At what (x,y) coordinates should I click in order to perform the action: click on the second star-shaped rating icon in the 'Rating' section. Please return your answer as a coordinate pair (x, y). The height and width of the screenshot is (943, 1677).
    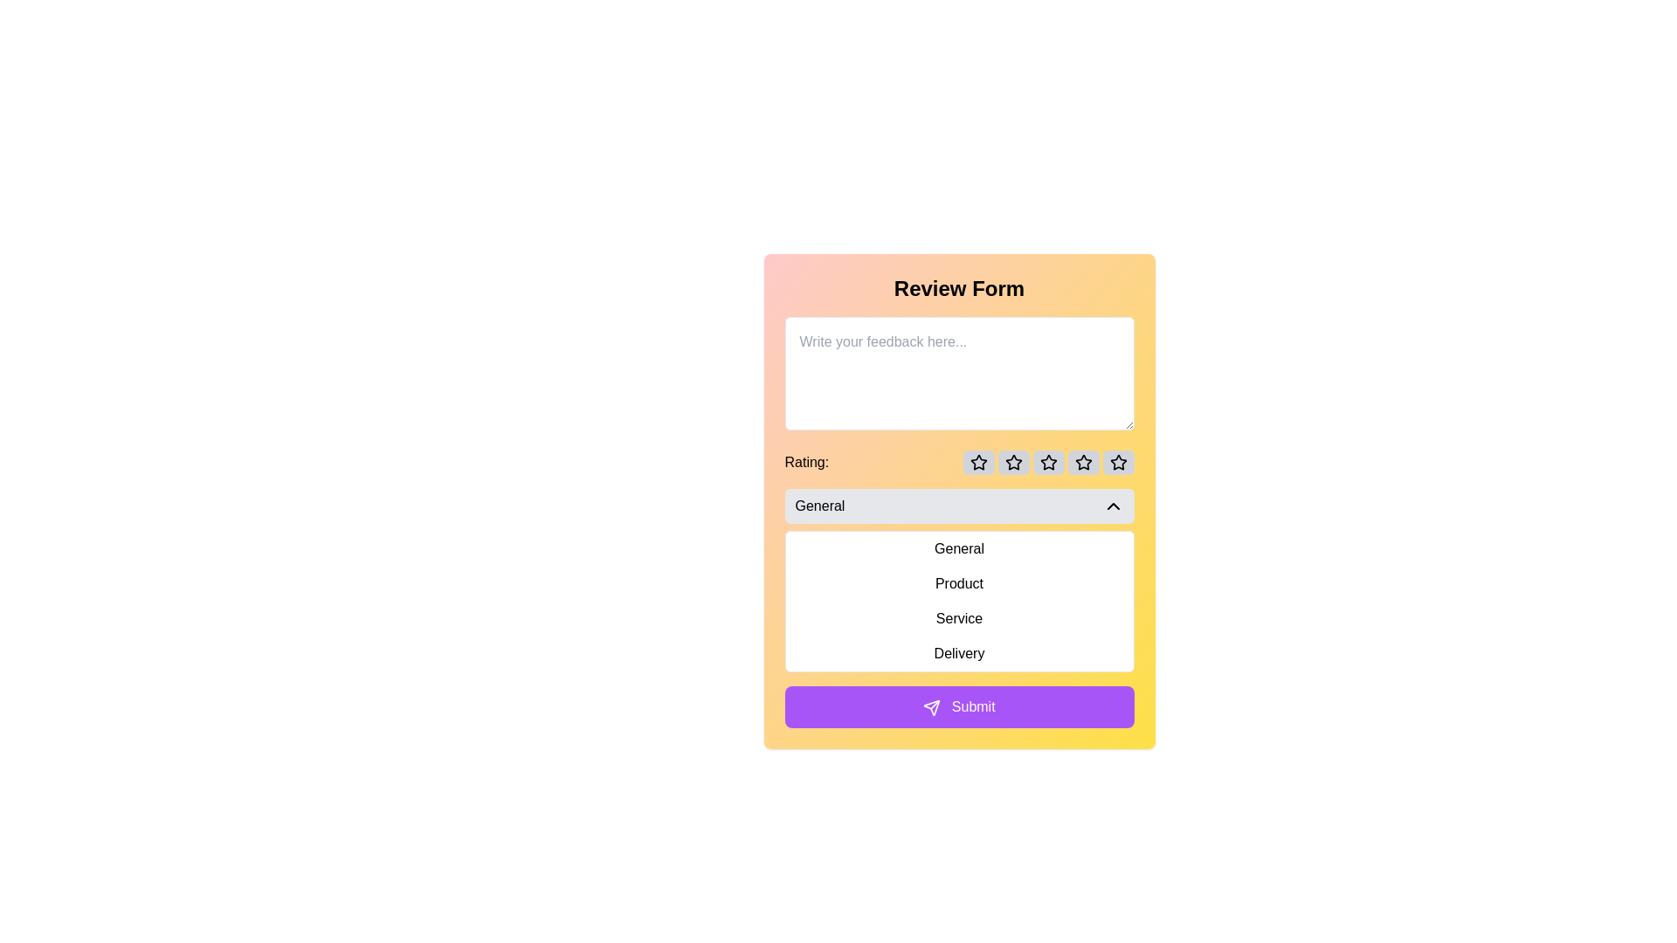
    Looking at the image, I should click on (1013, 461).